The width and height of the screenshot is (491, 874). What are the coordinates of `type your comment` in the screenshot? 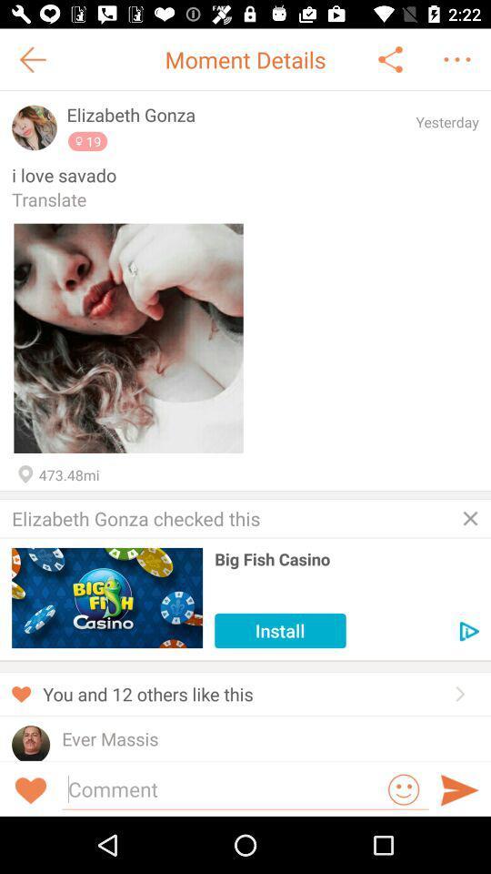 It's located at (223, 788).